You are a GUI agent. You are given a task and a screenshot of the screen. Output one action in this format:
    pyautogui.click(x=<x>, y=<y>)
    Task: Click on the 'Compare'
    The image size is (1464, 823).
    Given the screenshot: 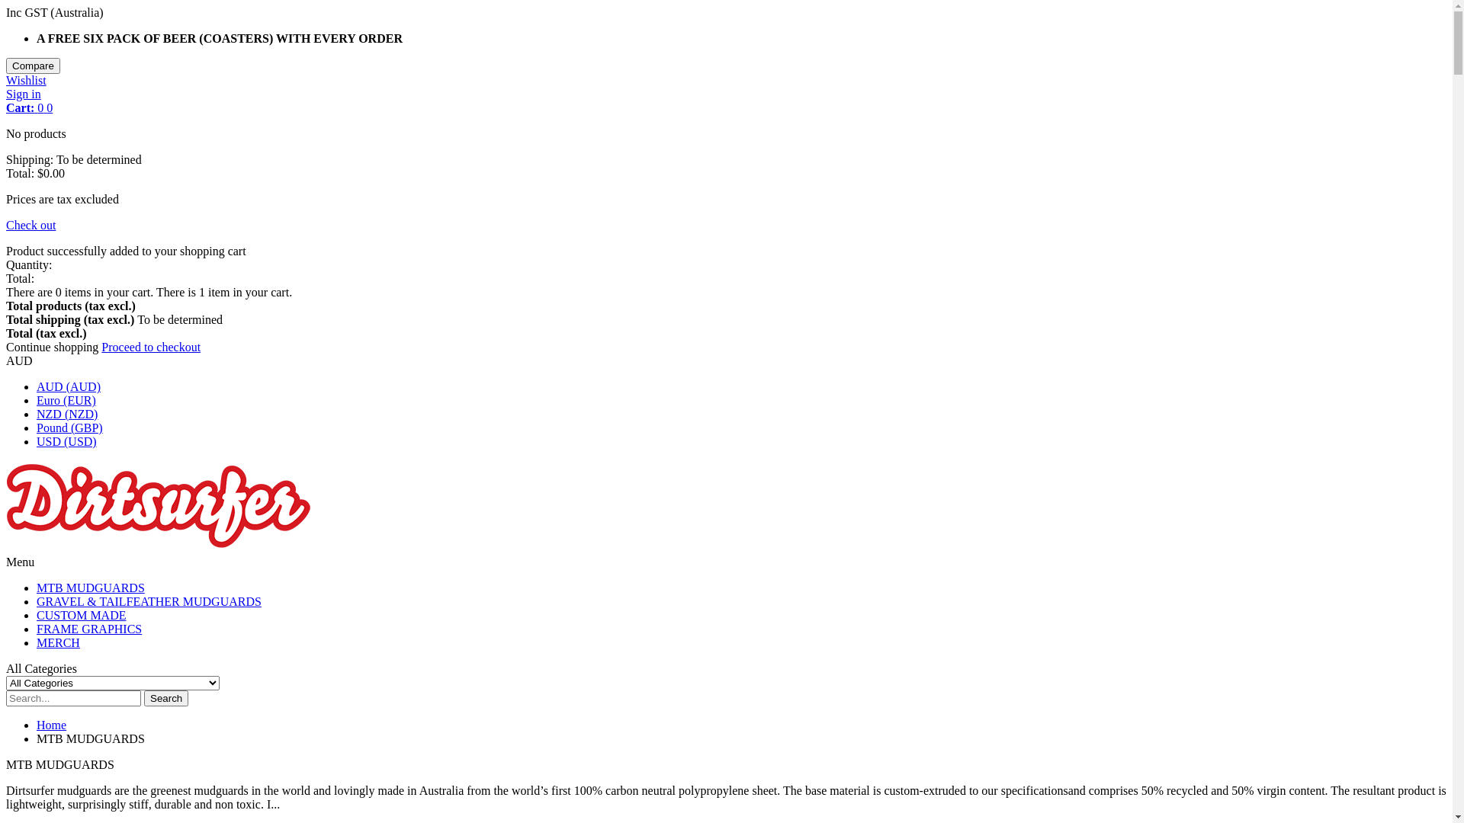 What is the action you would take?
    pyautogui.click(x=33, y=65)
    